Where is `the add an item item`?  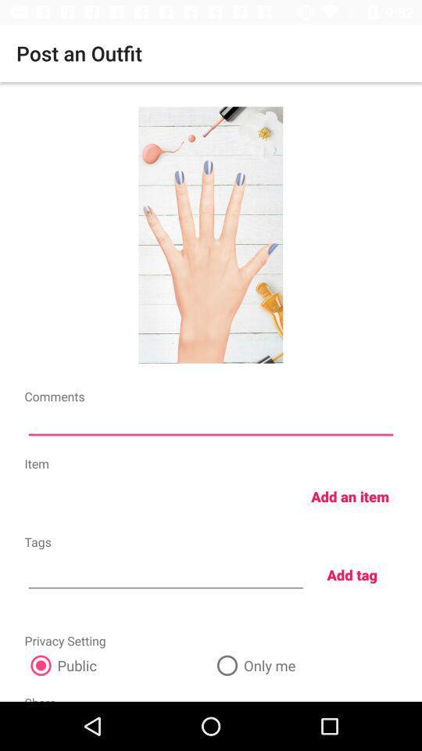 the add an item item is located at coordinates (350, 495).